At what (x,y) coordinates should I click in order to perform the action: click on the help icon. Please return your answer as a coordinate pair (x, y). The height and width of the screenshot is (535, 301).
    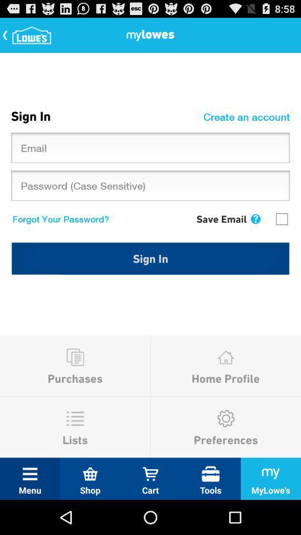
    Looking at the image, I should click on (255, 234).